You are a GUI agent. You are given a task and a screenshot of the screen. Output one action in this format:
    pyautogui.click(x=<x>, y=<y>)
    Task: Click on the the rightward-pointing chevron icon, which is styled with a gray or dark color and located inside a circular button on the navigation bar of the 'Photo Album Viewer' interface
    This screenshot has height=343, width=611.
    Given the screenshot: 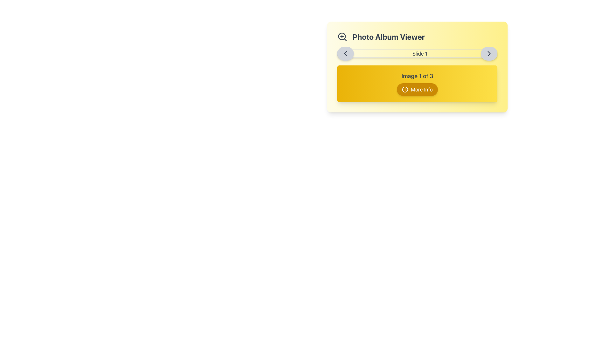 What is the action you would take?
    pyautogui.click(x=488, y=53)
    